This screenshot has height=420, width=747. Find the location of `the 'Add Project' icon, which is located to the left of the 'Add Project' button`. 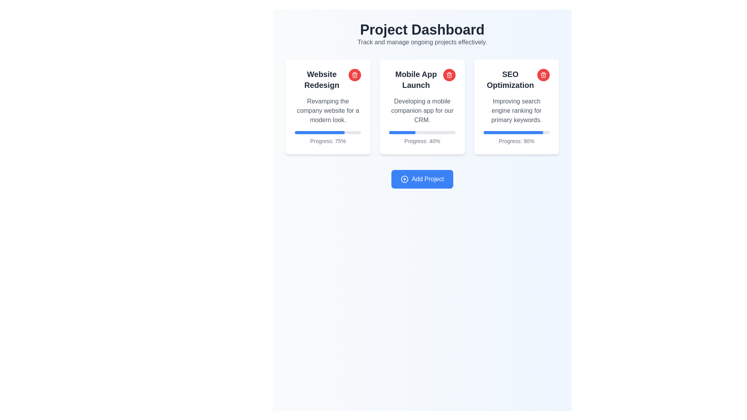

the 'Add Project' icon, which is located to the left of the 'Add Project' button is located at coordinates (405, 179).